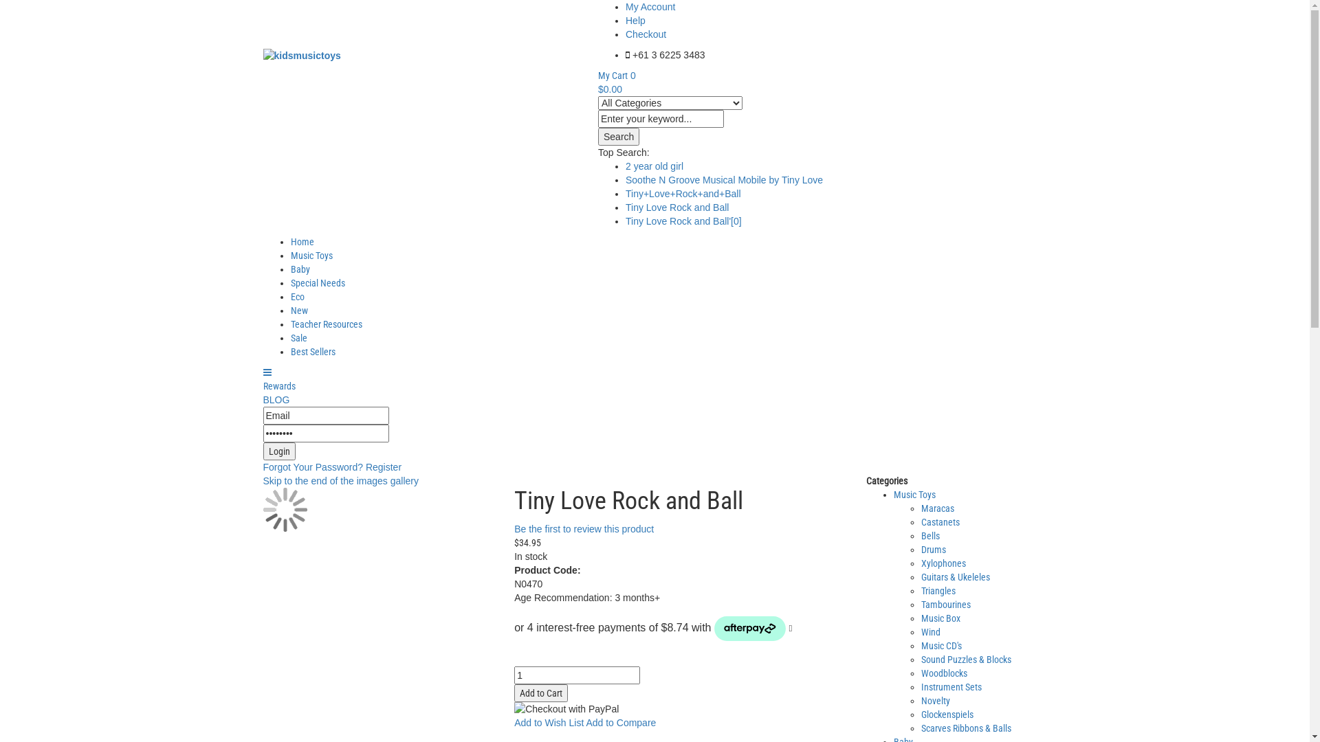  I want to click on 'Music Box', so click(921, 617).